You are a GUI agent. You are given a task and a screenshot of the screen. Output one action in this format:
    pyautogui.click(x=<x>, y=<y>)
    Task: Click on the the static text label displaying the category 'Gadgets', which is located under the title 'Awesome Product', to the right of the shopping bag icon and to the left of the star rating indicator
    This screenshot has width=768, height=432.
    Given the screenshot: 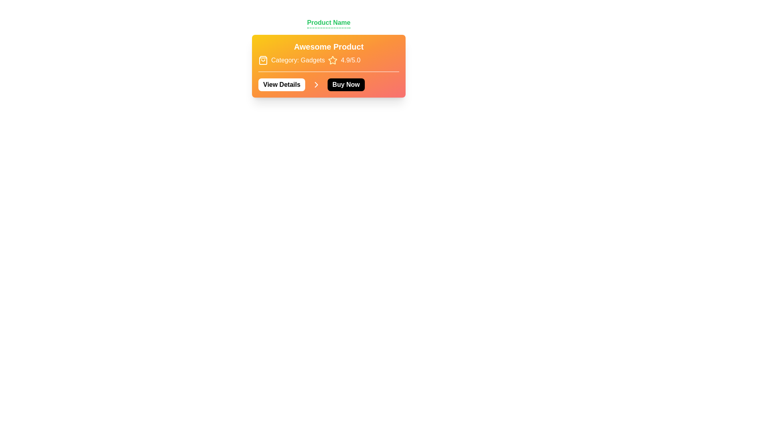 What is the action you would take?
    pyautogui.click(x=298, y=60)
    